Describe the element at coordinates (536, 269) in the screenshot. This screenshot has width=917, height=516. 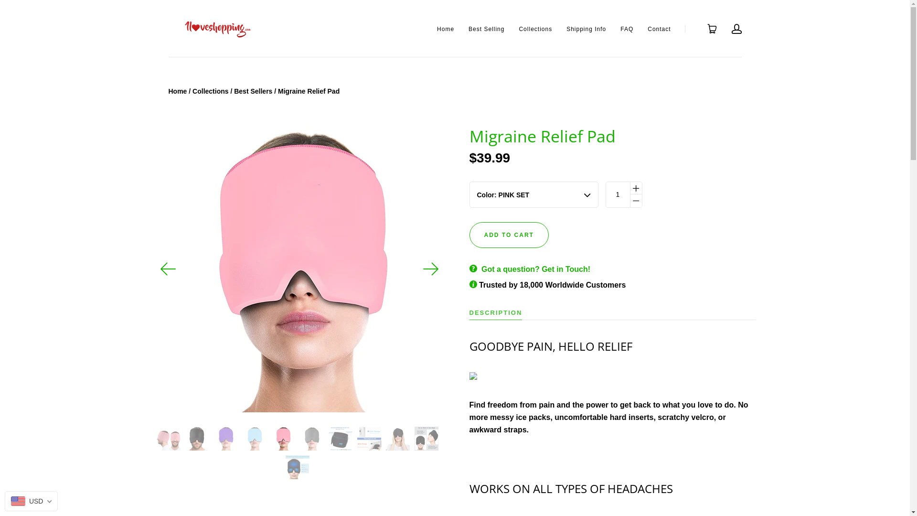
I see `'Got a question? Get in Touch!'` at that location.